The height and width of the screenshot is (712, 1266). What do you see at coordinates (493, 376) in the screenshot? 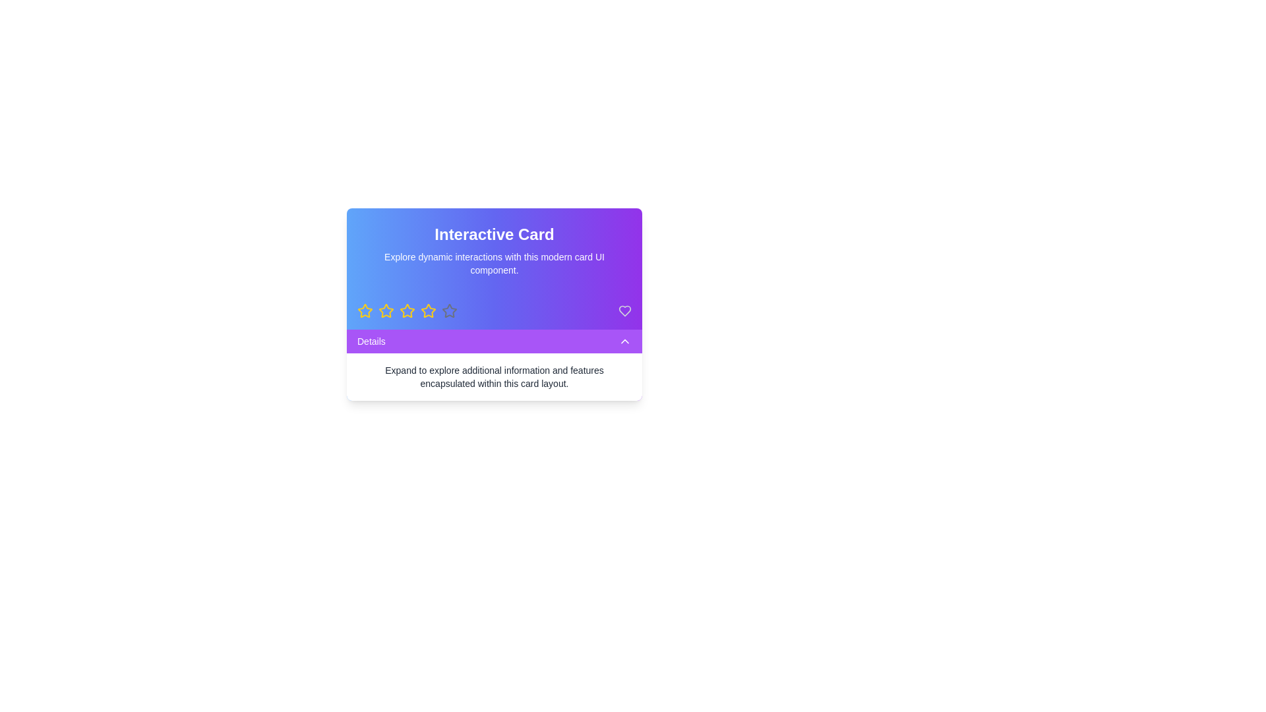
I see `the Text Block located directly below the purple 'Details' bar in the card layout, which serves as an expansion or details section` at bounding box center [493, 376].